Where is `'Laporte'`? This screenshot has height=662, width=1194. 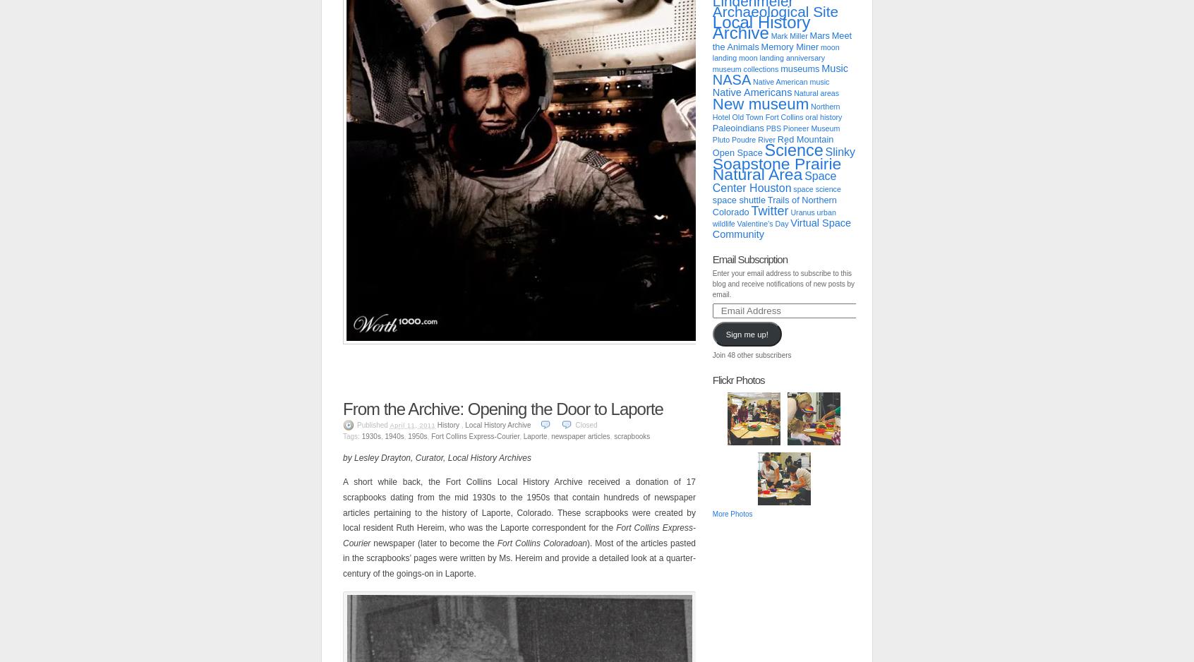 'Laporte' is located at coordinates (534, 435).